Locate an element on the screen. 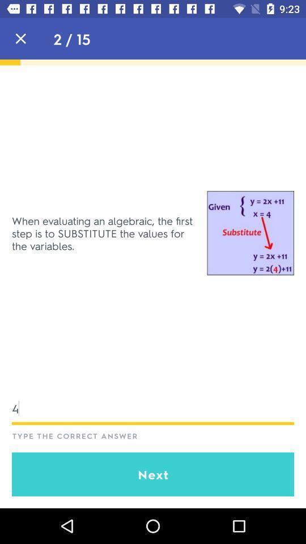  4 icon is located at coordinates (153, 408).